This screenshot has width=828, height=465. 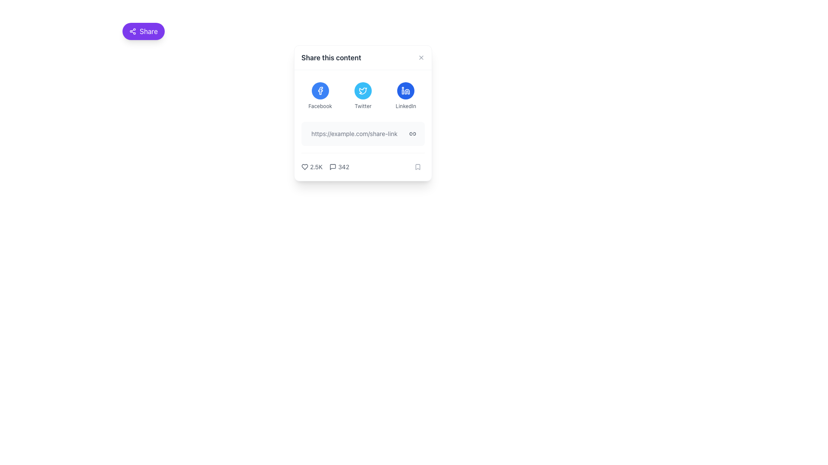 I want to click on the circular blue Facebook button with a white 'f' logo to share content on Facebook, so click(x=320, y=91).